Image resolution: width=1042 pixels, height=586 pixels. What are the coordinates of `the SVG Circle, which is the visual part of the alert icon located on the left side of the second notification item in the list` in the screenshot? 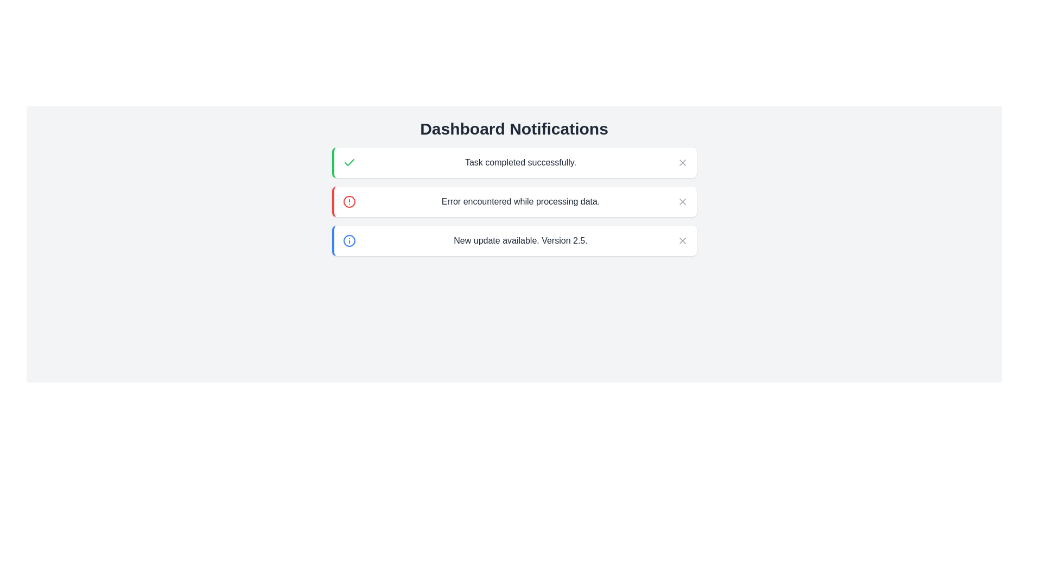 It's located at (349, 201).